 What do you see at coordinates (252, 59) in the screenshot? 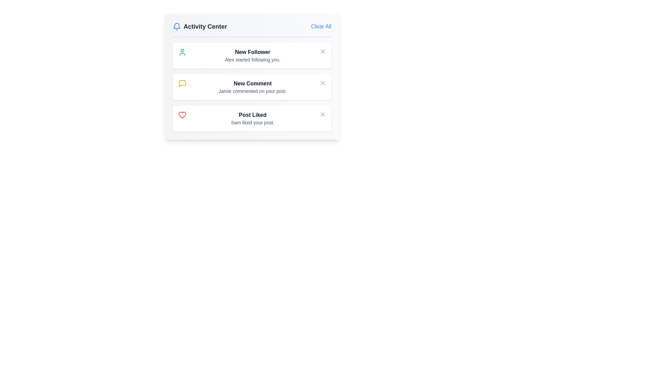
I see `information from the text label indicating 'following you' by Alex, which is located below the bold text 'New Follower' in a notification card` at bounding box center [252, 59].